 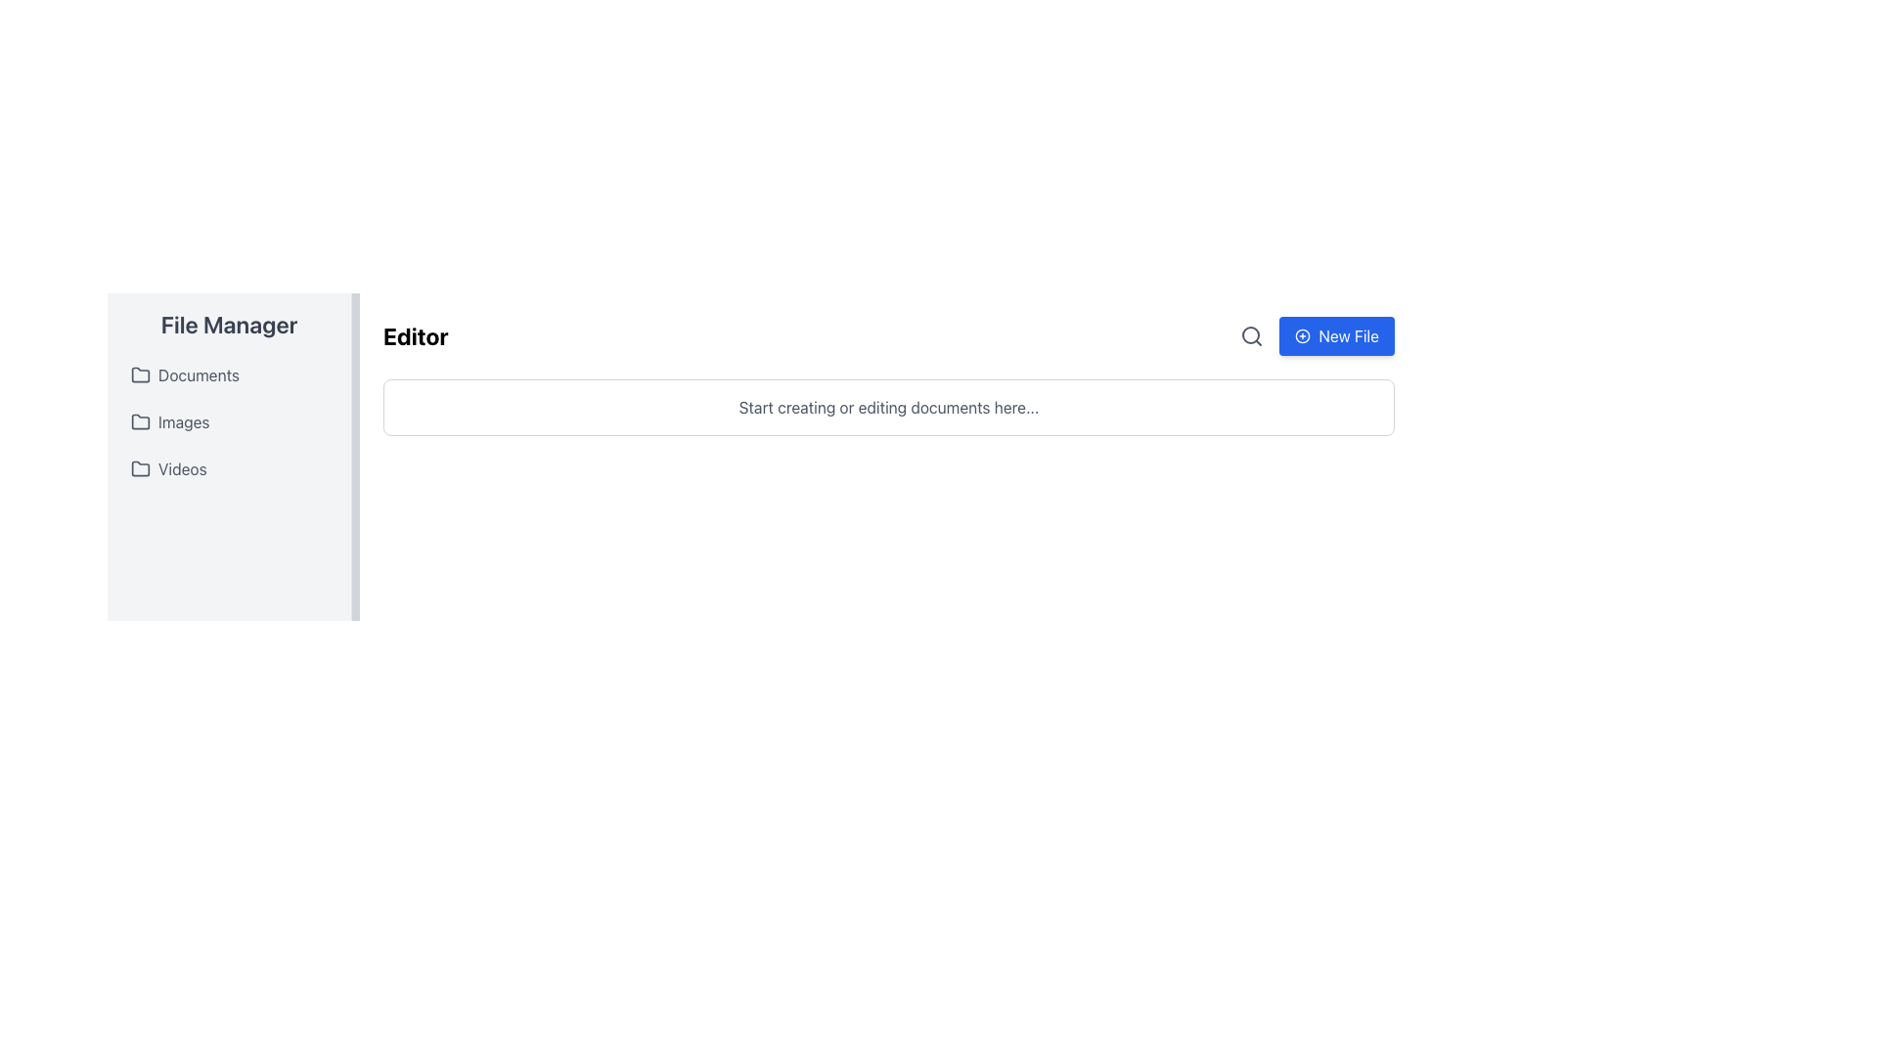 I want to click on the 'Videos' list item element in the 'File Manager' section, so click(x=229, y=468).